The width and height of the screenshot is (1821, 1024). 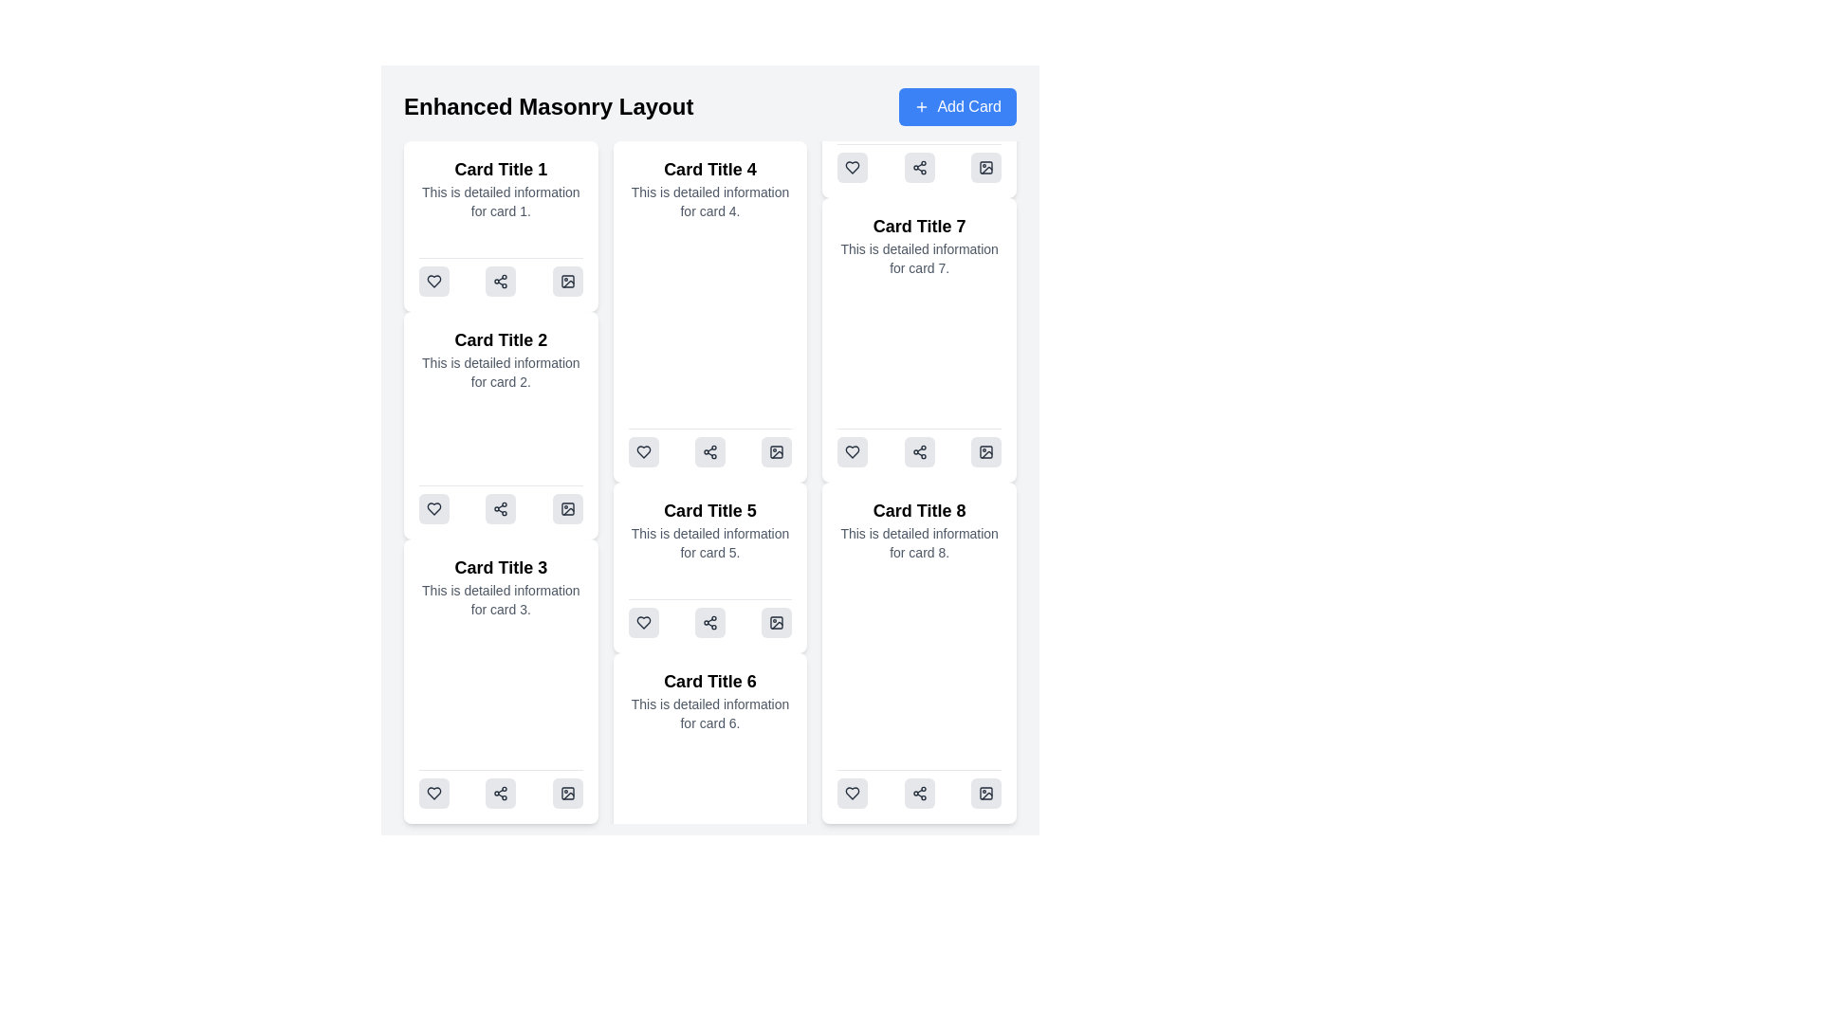 I want to click on the 'Add Card' text label, which is styled with white text on a blue background and located in the upper-right corner of the interface, so click(x=969, y=106).